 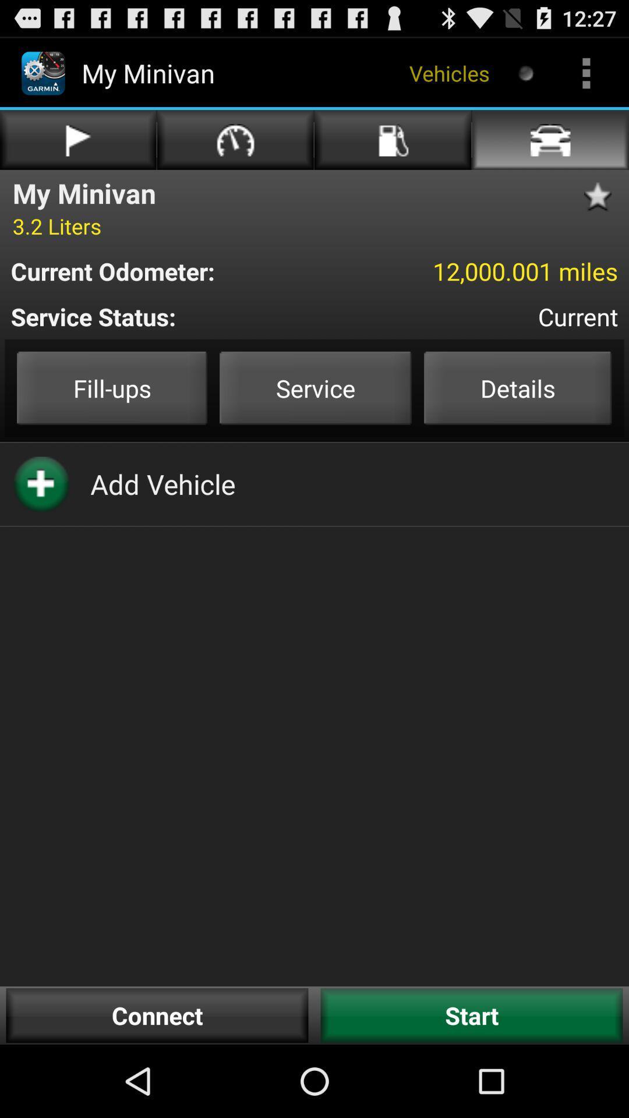 What do you see at coordinates (42, 72) in the screenshot?
I see `the logo on the top left corner of the web page` at bounding box center [42, 72].